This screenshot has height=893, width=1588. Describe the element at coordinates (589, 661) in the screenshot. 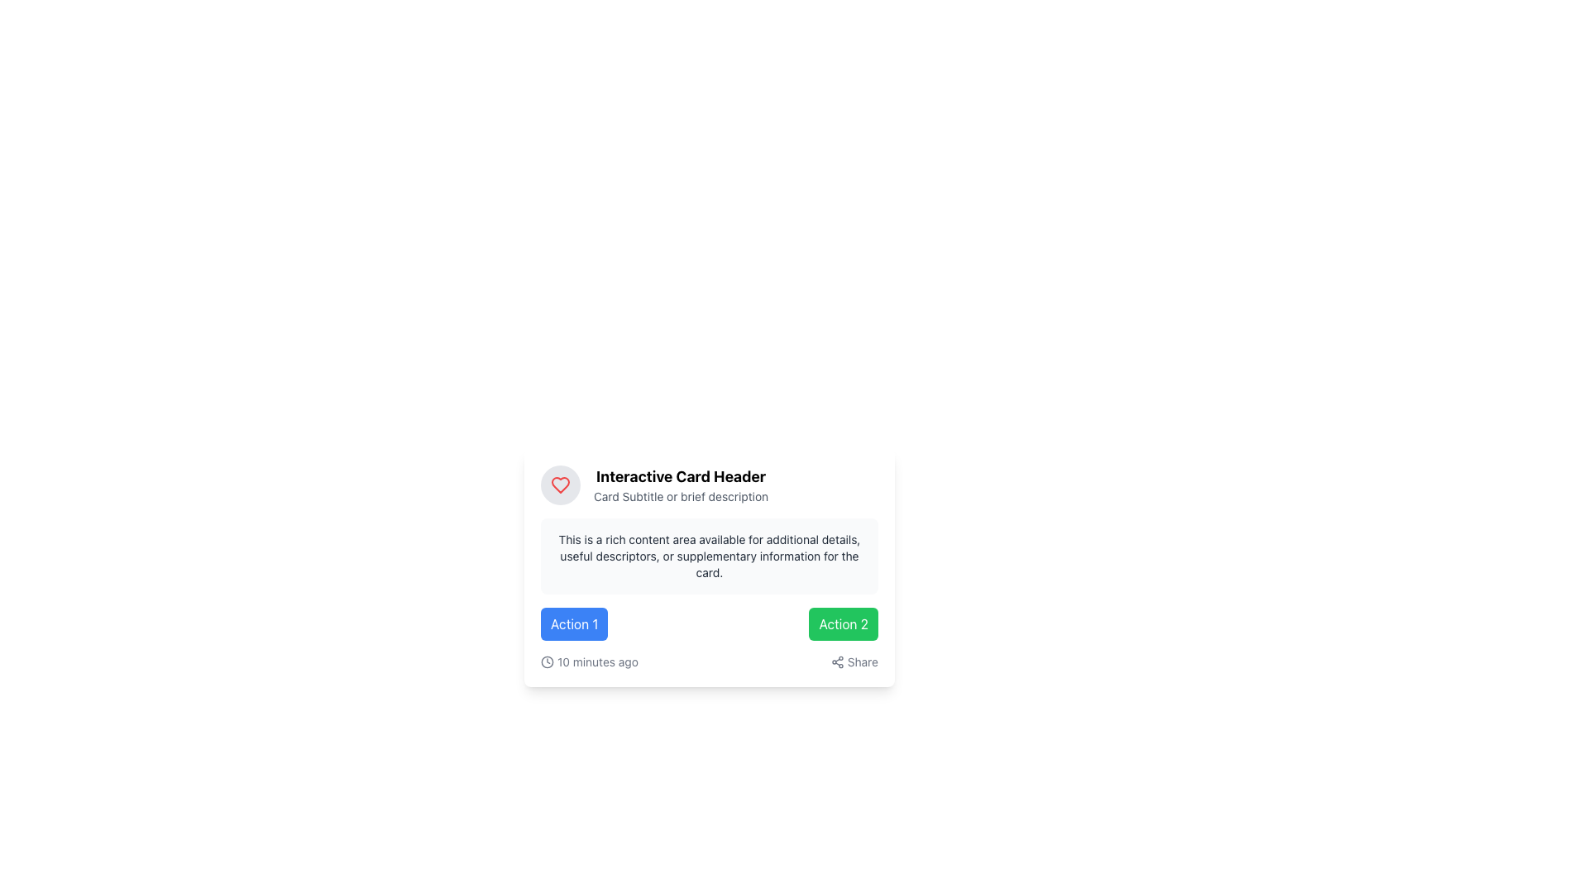

I see `timestamp displayed as '10 minutes ago' which is a small text component located at the bottom-left corner of the card, aligned horizontally with the 'Share' text` at that location.